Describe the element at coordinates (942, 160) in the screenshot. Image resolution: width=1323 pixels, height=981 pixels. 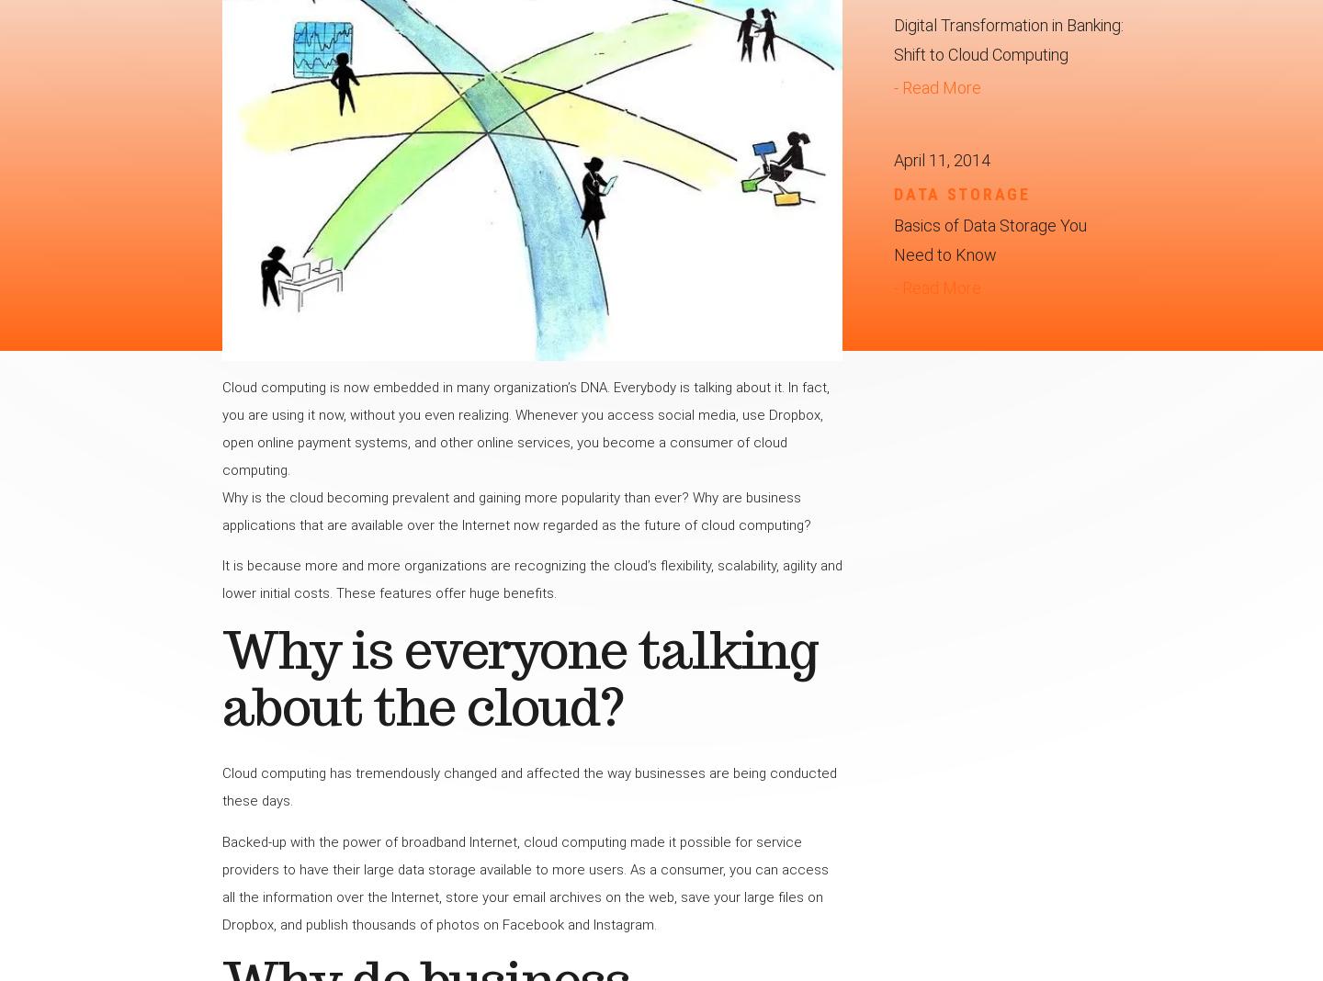
I see `'April 11, 2014'` at that location.